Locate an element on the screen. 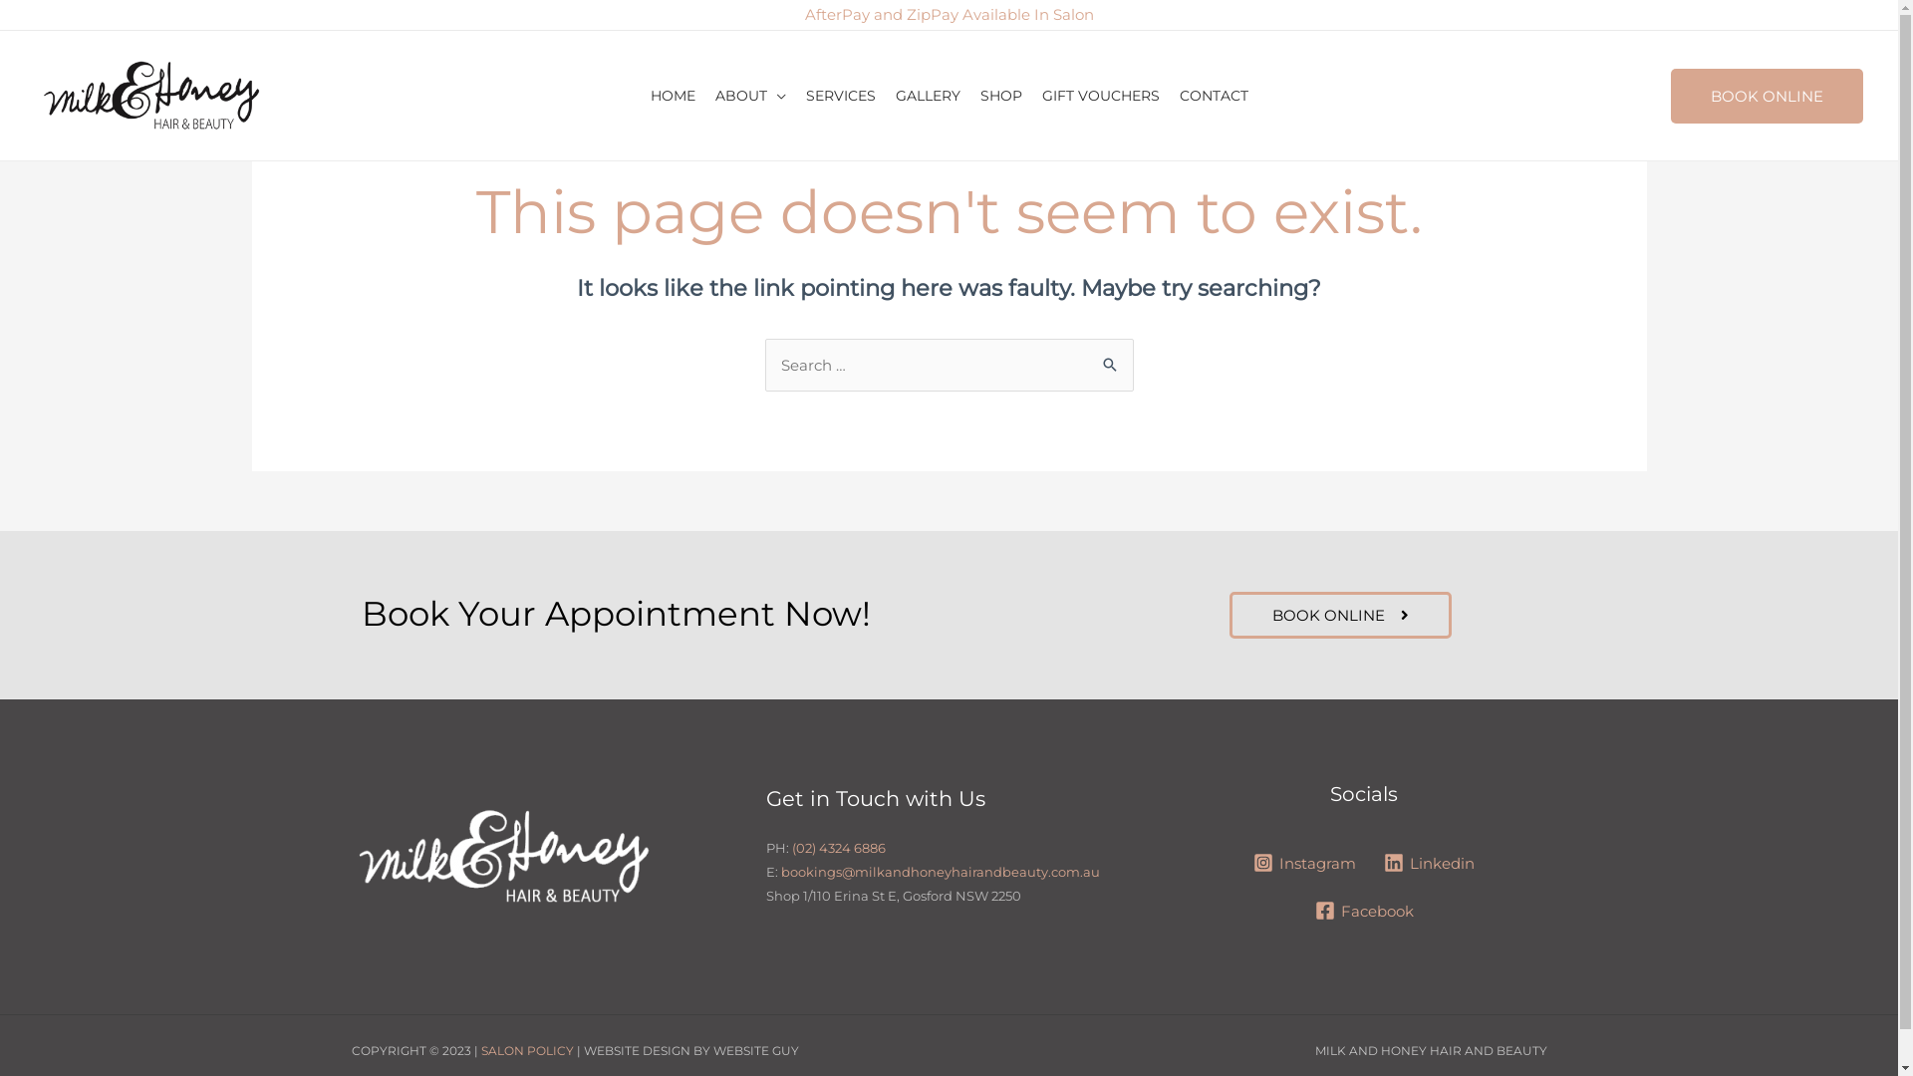  'bookings@milkandhoneyhairandbeauty.com.au' is located at coordinates (940, 871).